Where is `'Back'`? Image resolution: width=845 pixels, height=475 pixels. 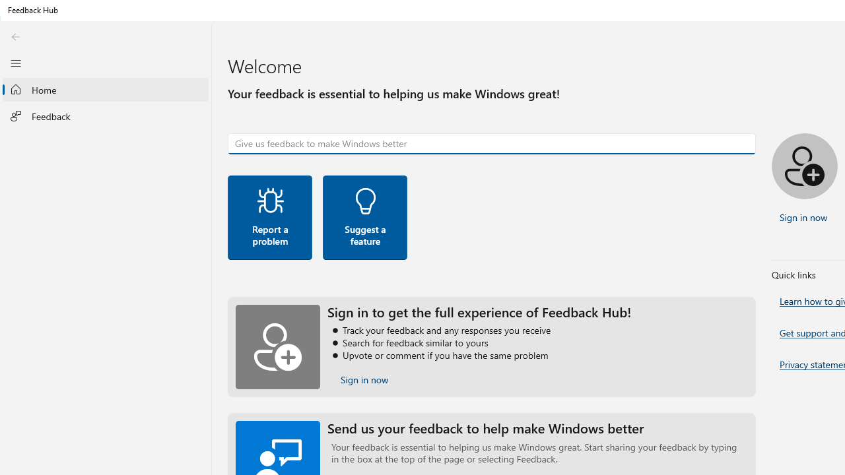
'Back' is located at coordinates (15, 36).